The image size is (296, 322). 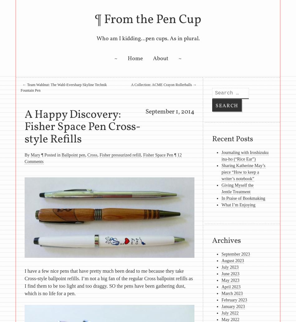 I want to click on 'Archives', so click(x=226, y=240).